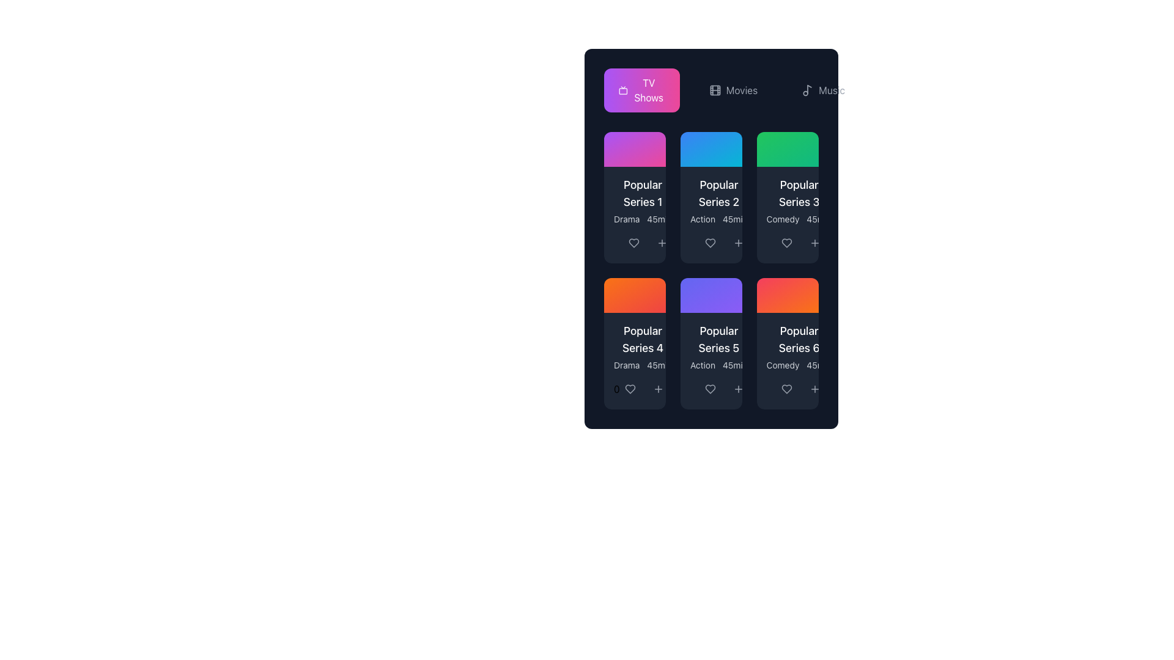  What do you see at coordinates (630, 389) in the screenshot?
I see `the heart-shaped icon in the fourth card of the grid layout to express a 'like' or 'favorite' action` at bounding box center [630, 389].